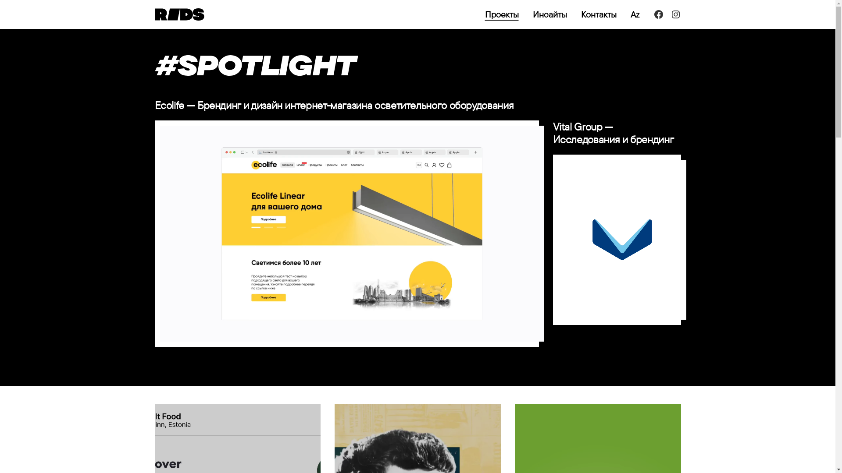 This screenshot has width=842, height=473. I want to click on 'Facebook', so click(659, 14).